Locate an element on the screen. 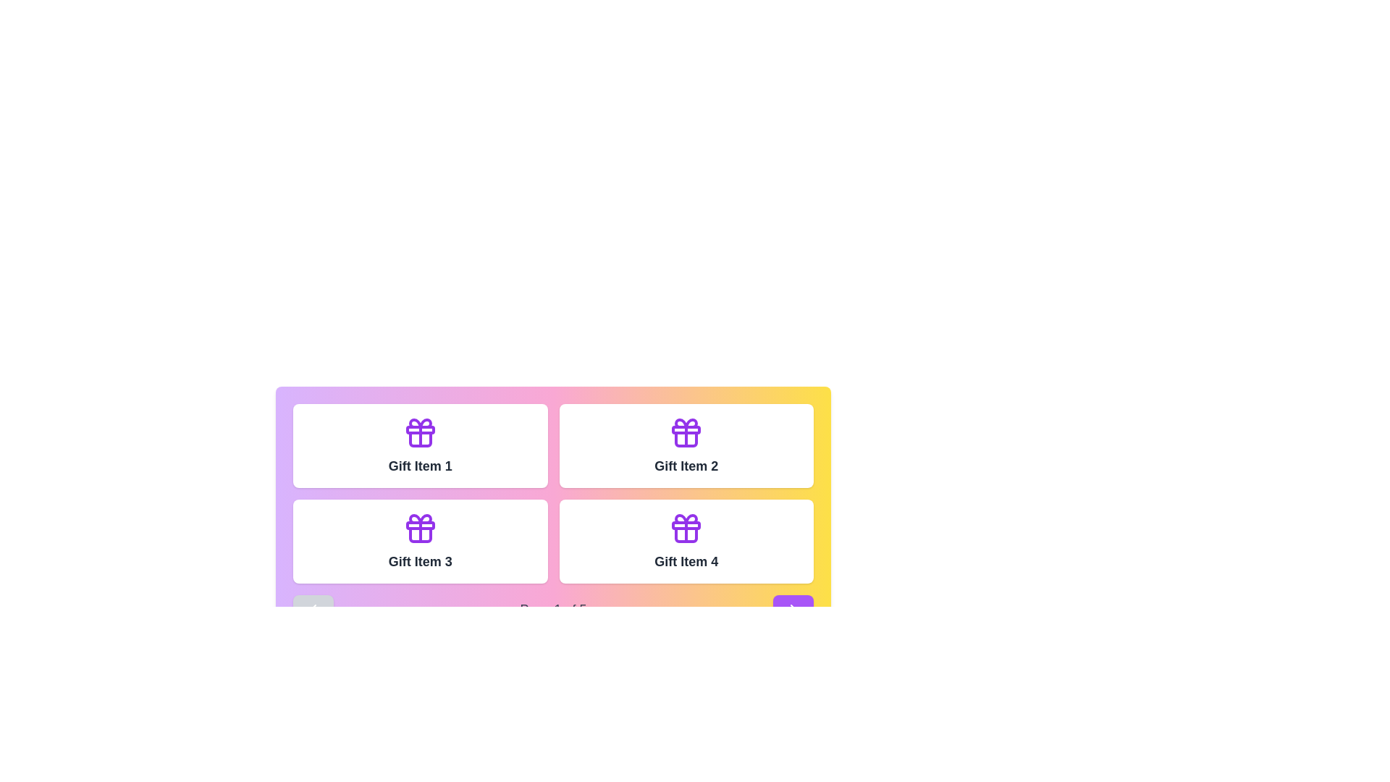 Image resolution: width=1390 pixels, height=782 pixels. the card displaying 'Gift Item 4', located at the bottom-right of the 2x2 grid layout is located at coordinates (686, 542).